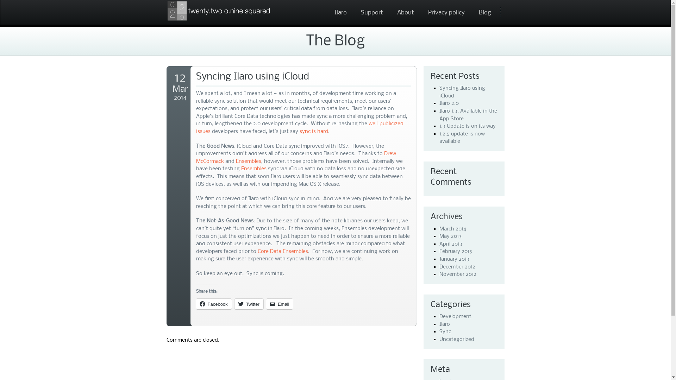 The width and height of the screenshot is (676, 380). What do you see at coordinates (248, 161) in the screenshot?
I see `'Ensembles'` at bounding box center [248, 161].